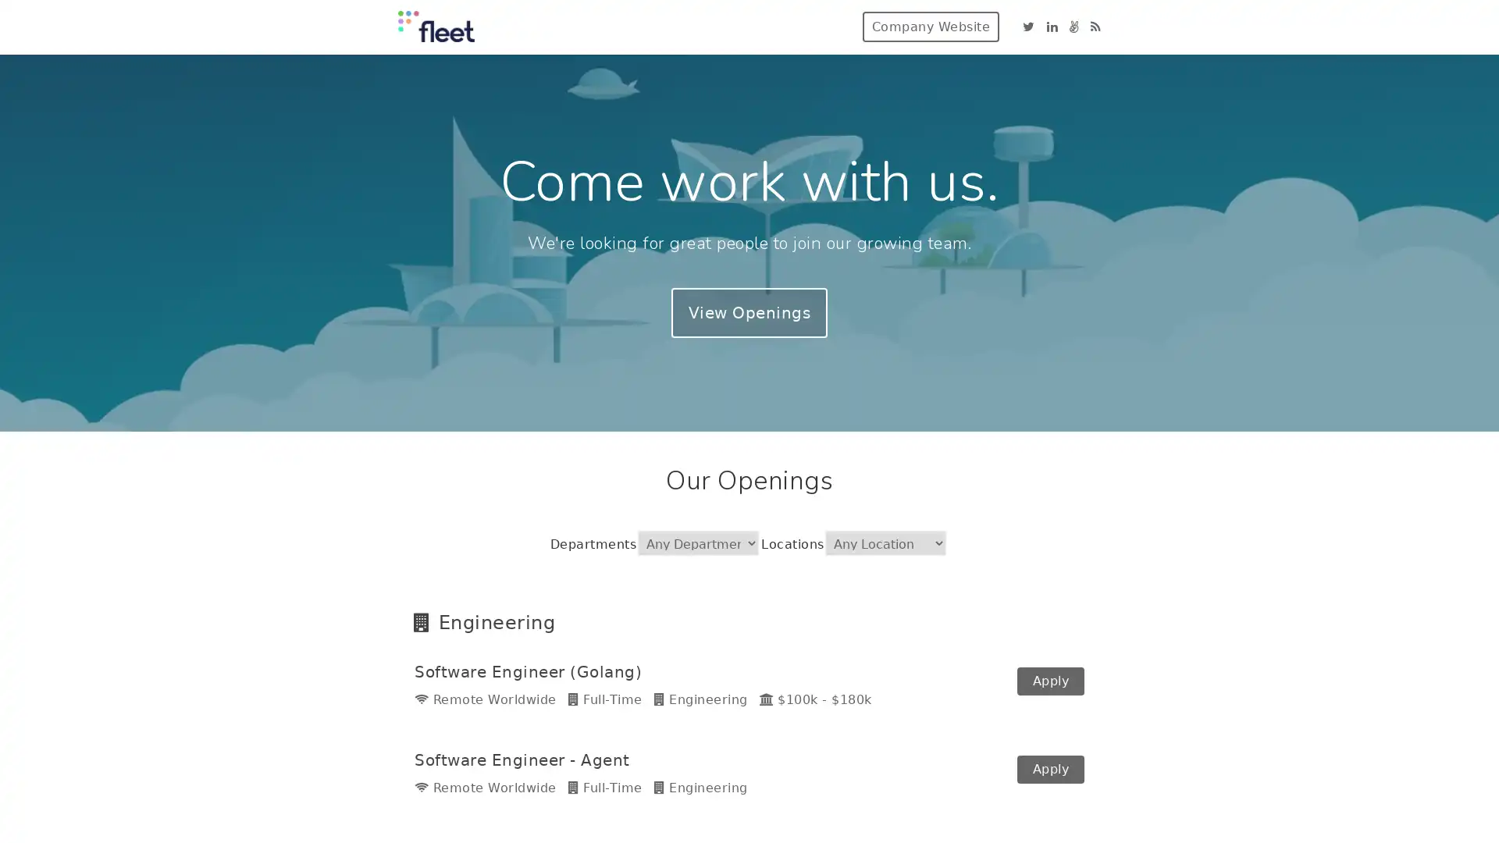 The height and width of the screenshot is (843, 1499). Describe the element at coordinates (1050, 782) in the screenshot. I see `Apply` at that location.